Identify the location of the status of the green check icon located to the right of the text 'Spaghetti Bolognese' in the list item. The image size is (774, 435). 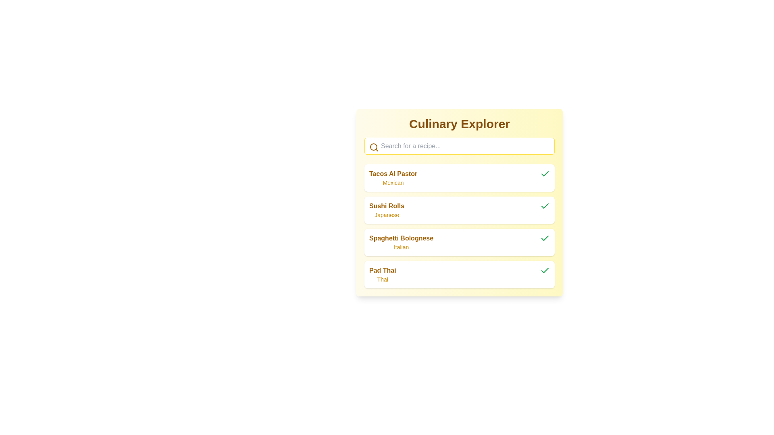
(545, 238).